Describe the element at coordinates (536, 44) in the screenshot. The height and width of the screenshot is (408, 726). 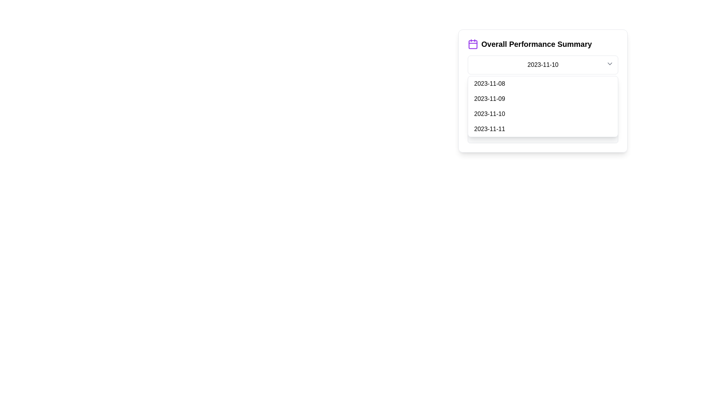
I see `the Text Label that serves as a title or heading, located to the right of the calendar icon in the header group at the top of the section` at that location.